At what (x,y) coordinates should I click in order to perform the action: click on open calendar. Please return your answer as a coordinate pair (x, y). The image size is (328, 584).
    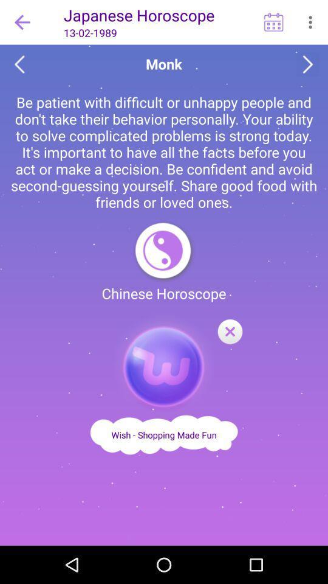
    Looking at the image, I should click on (273, 21).